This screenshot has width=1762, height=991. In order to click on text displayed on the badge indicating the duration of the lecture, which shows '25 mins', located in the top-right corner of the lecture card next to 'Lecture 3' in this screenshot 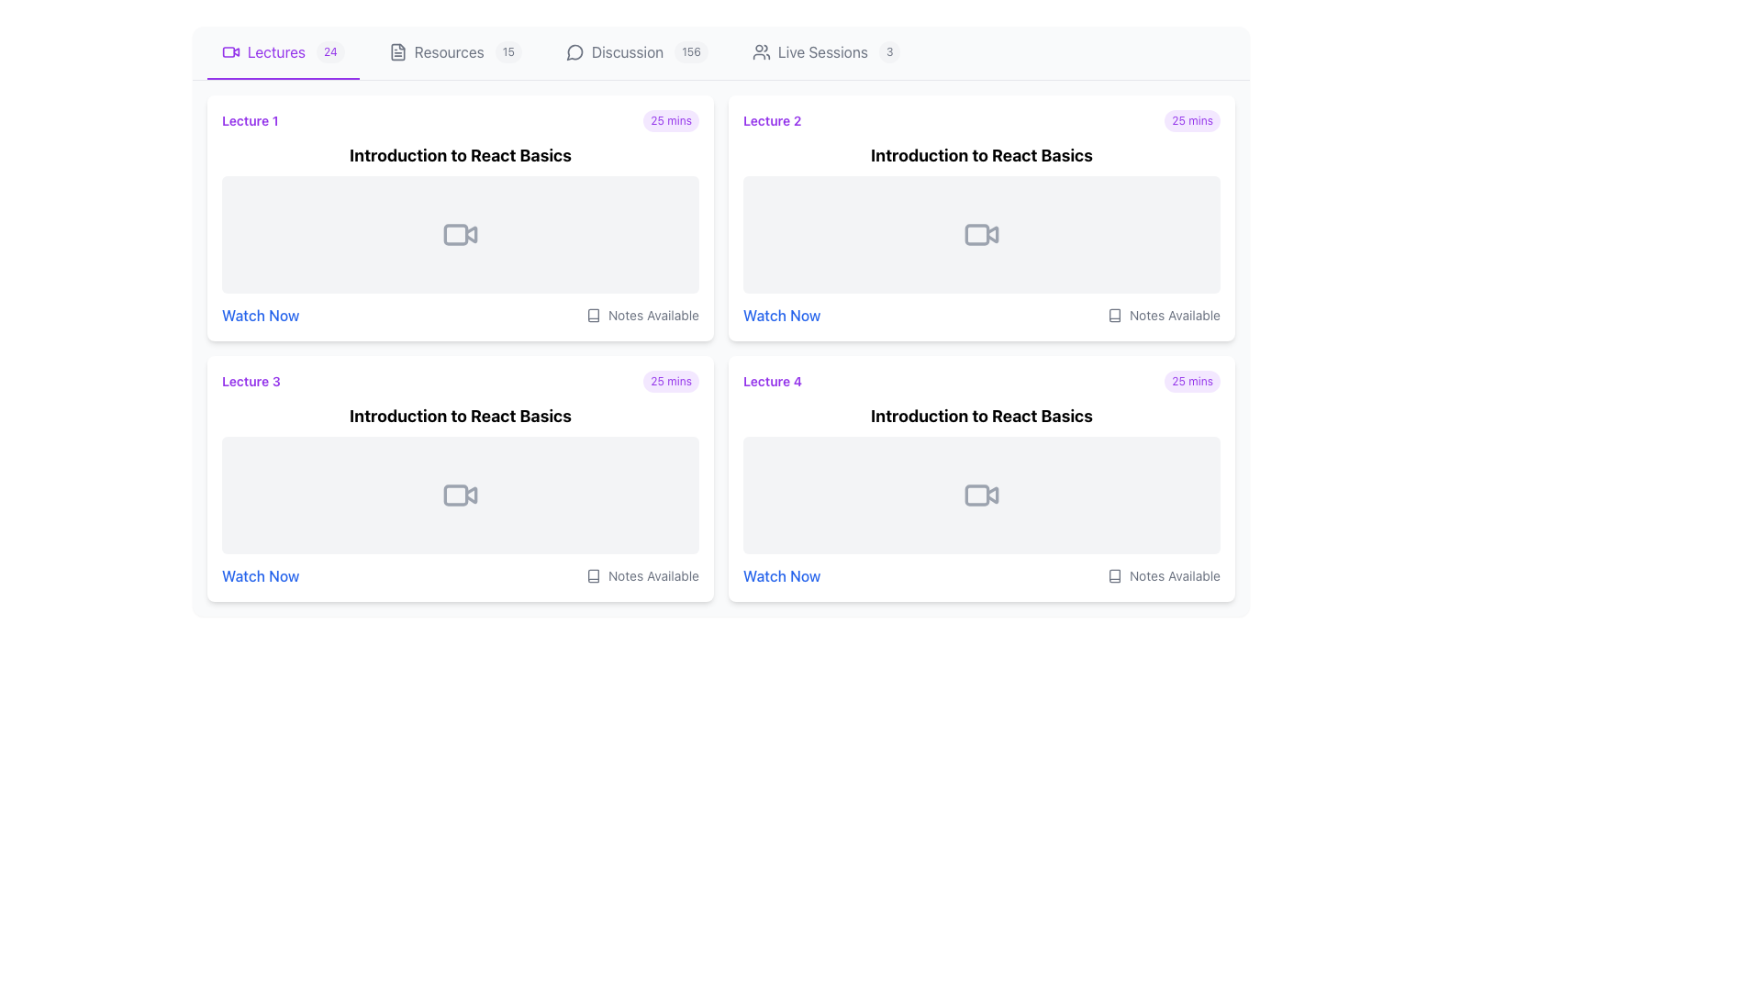, I will do `click(670, 381)`.